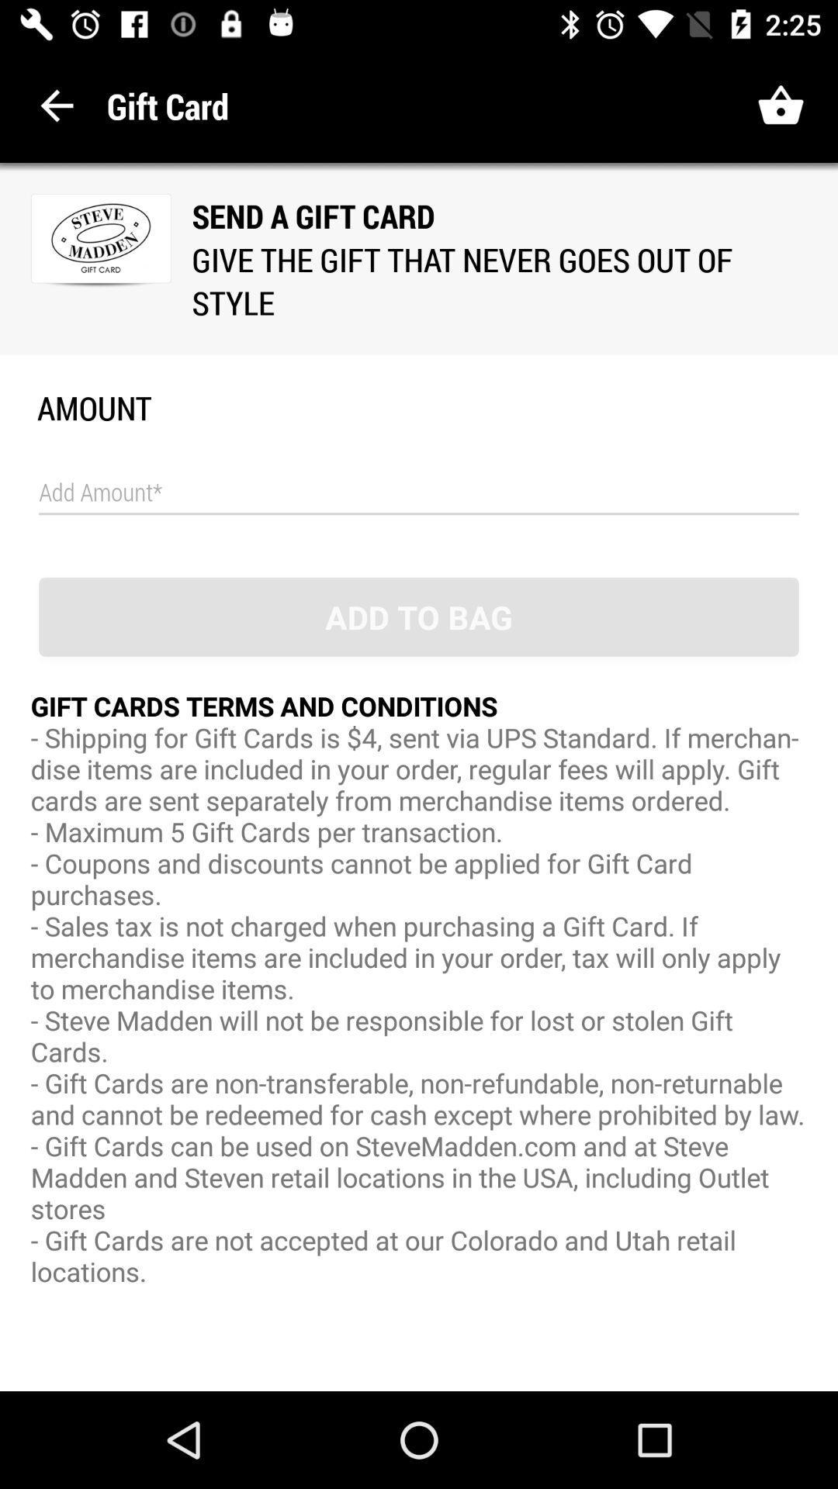 This screenshot has width=838, height=1489. I want to click on the item next to gift card icon, so click(56, 105).